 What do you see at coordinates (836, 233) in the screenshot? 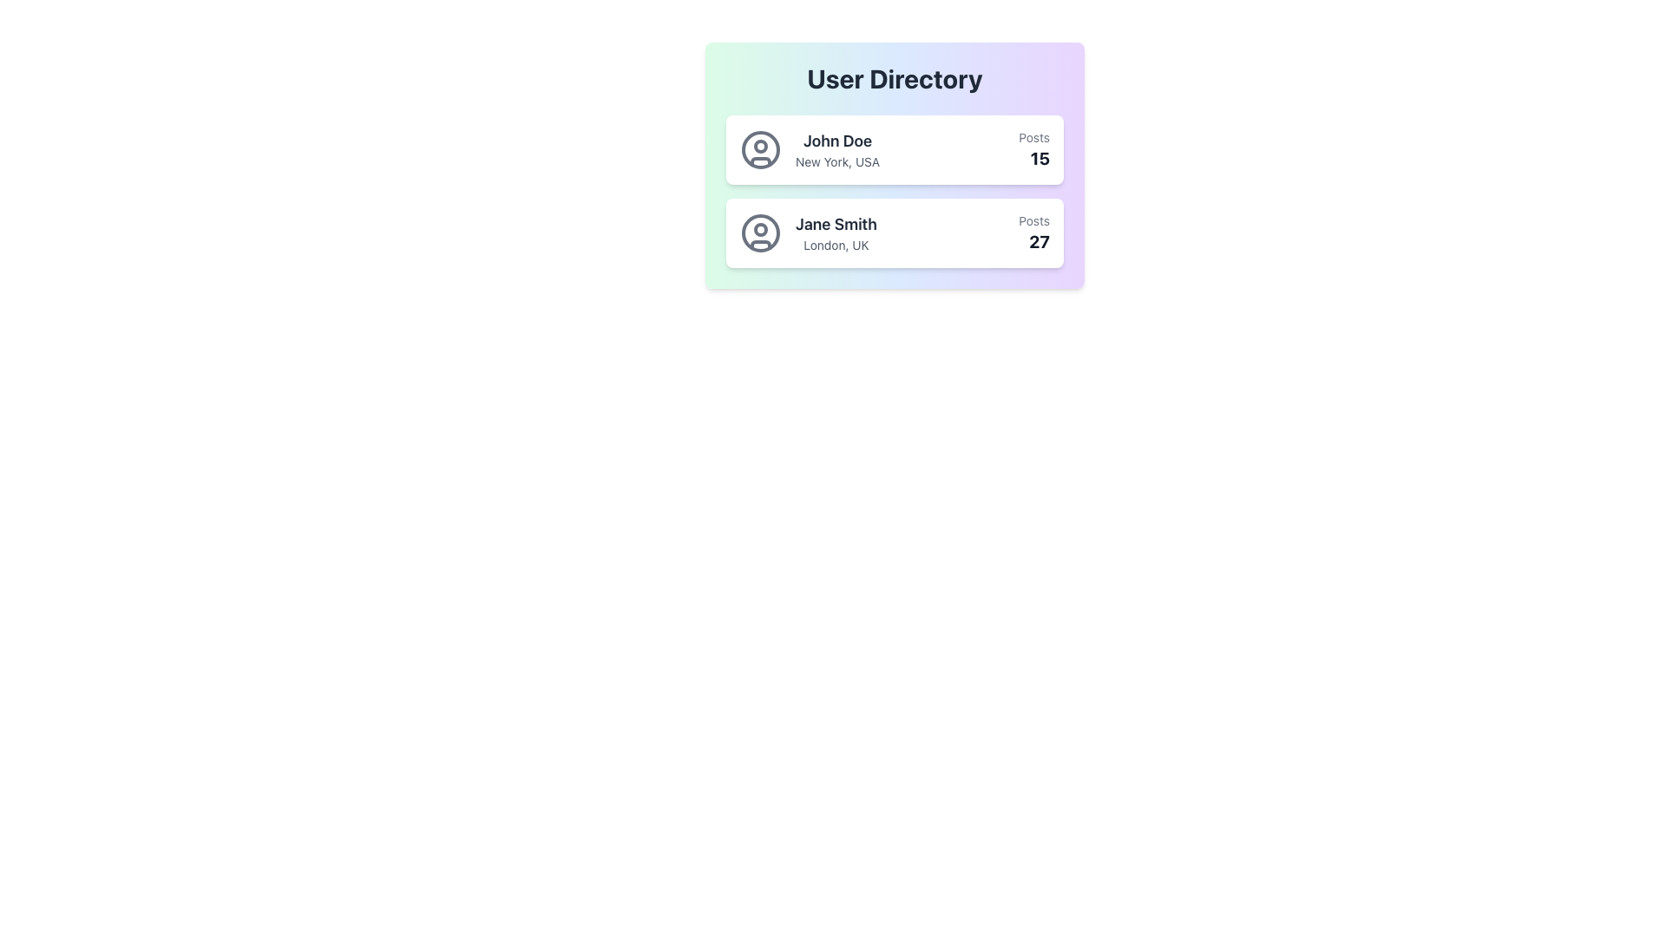
I see `information displayed in the text block containing 'Jane Smith' and 'London, UK' located in the User Directory section` at bounding box center [836, 233].